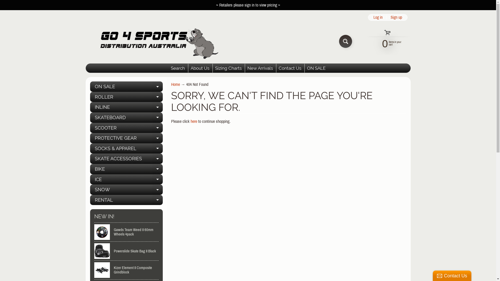 The width and height of the screenshot is (500, 281). What do you see at coordinates (371, 17) in the screenshot?
I see `'Log in'` at bounding box center [371, 17].